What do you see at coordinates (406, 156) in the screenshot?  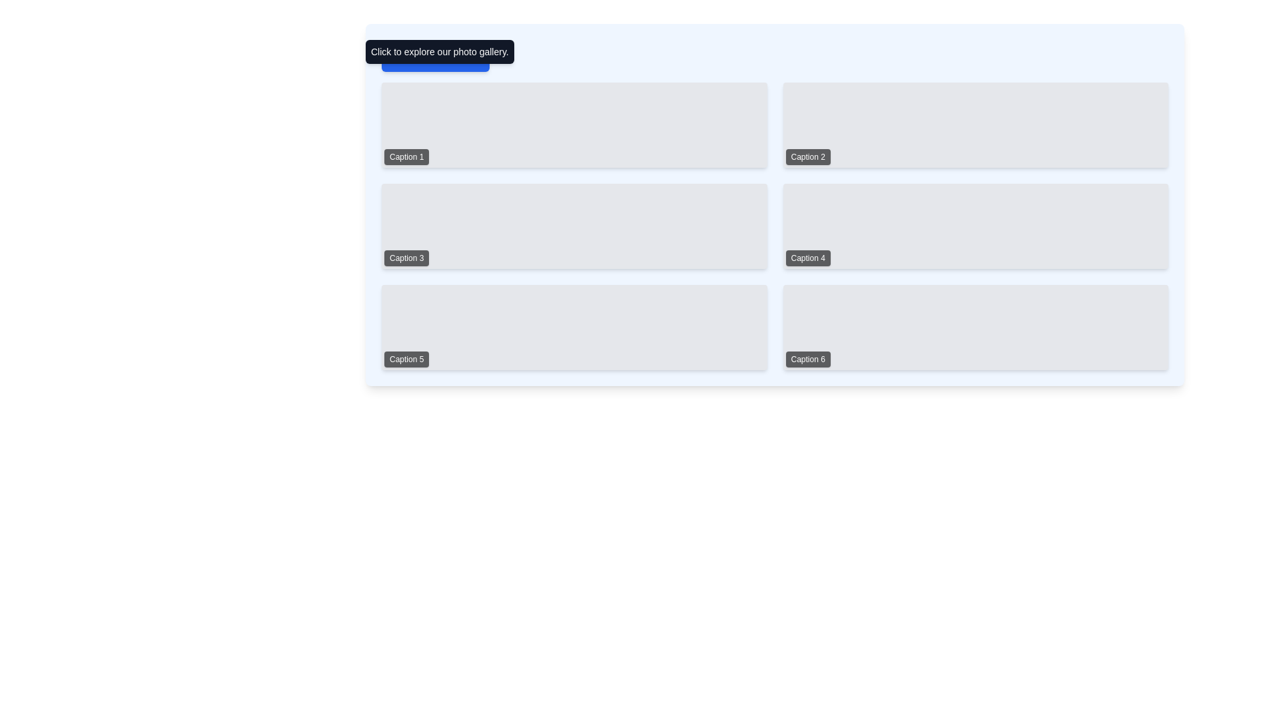 I see `the Text label located at the bottom-left corner of the rectangular section in the top-left quadrant, which serves as the caption for the first item in a two-column grid layout` at bounding box center [406, 156].